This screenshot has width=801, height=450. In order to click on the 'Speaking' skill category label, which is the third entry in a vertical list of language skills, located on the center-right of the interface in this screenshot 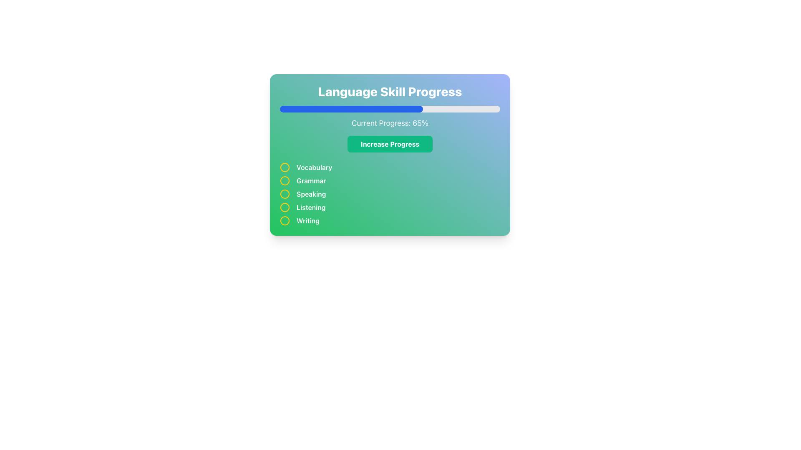, I will do `click(311, 194)`.